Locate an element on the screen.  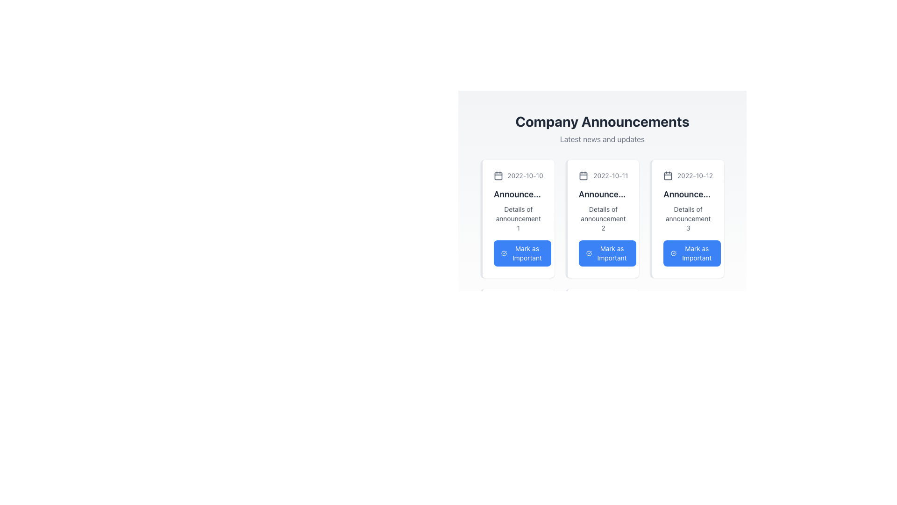
text content of the Text Label displaying 'Announcement 2', which is styled in bold and dark gray color, located in the second announcement card below the date '2022-10-11' is located at coordinates (603, 194).